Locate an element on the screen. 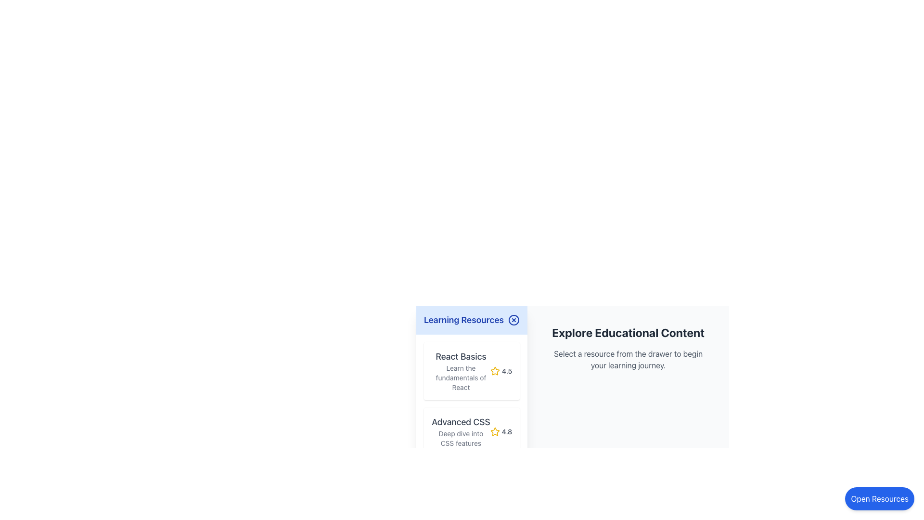  the Text Label titled 'Advanced CSS' which is the second item in the list of educational resources located on the left side of the interface is located at coordinates (460, 431).